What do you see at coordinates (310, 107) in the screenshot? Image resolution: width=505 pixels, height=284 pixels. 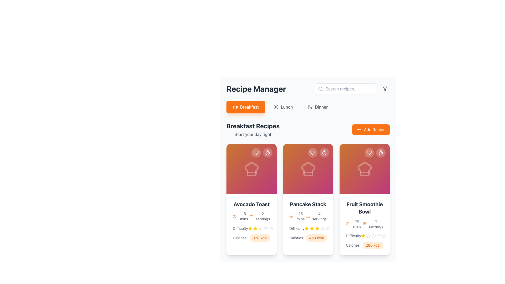 I see `the decorative icon representing the 'Dinner' section of the application, located to the left of the 'Dinner' text label and adjacent to 'Breakfast' and 'Lunch' buttons` at bounding box center [310, 107].